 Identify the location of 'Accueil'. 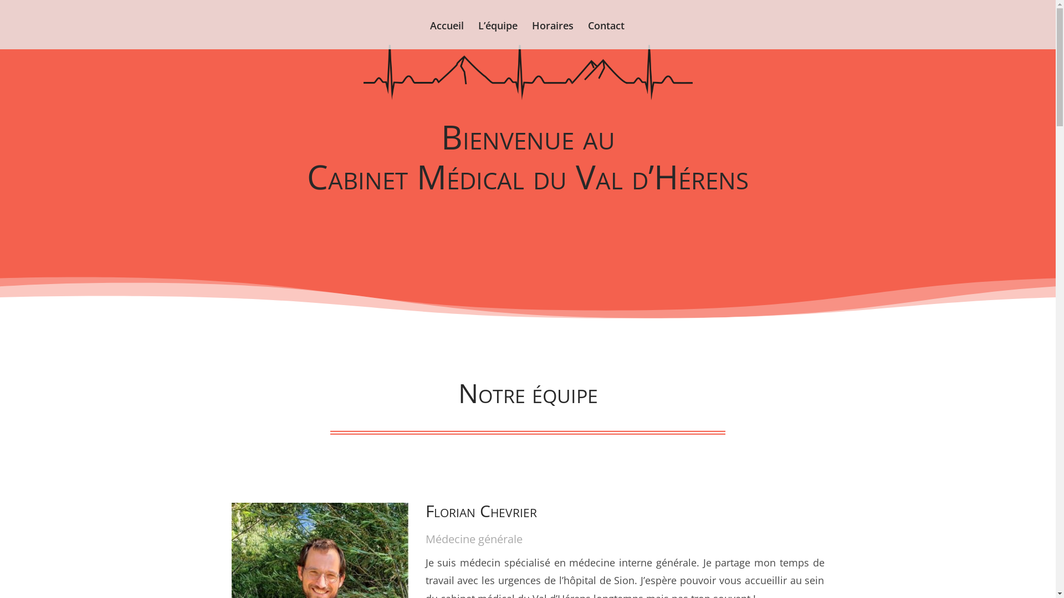
(447, 35).